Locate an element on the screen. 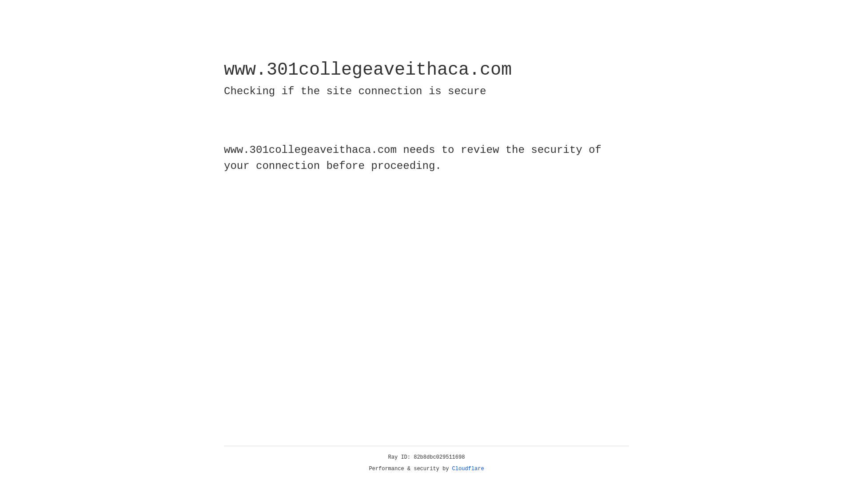  'Cloudflare' is located at coordinates (468, 468).